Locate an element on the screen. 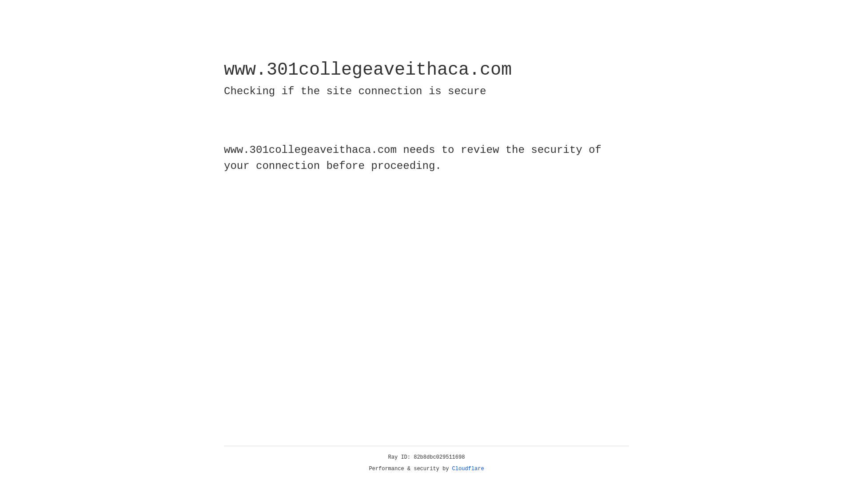  'Cloudflare' is located at coordinates (468, 468).